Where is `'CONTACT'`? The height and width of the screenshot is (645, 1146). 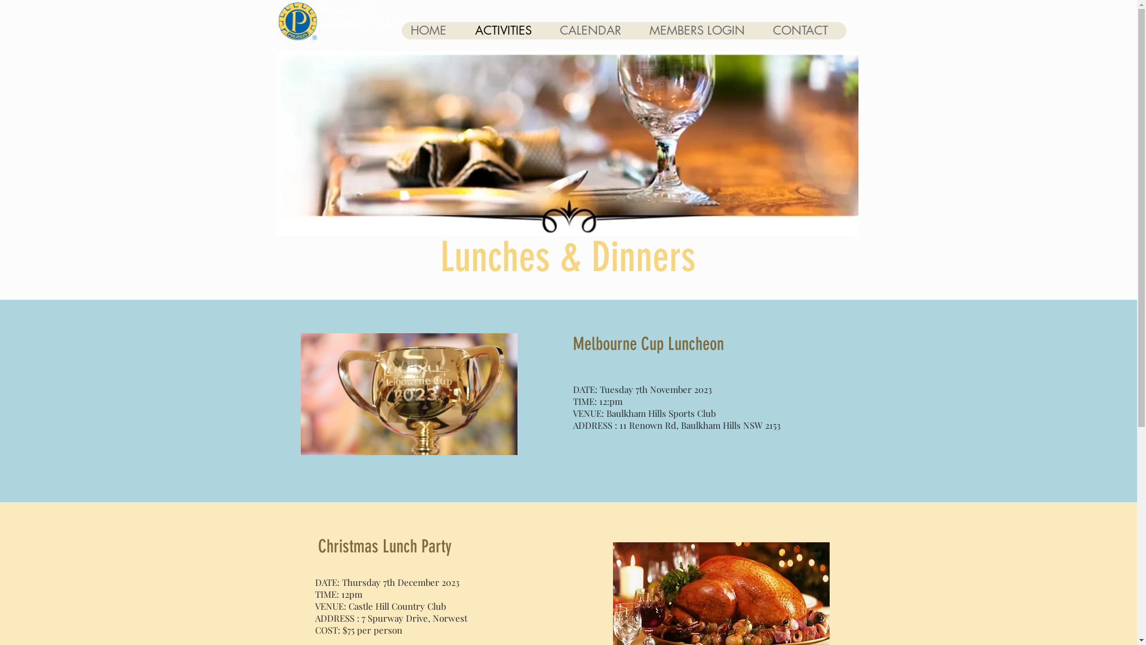 'CONTACT' is located at coordinates (804, 30).